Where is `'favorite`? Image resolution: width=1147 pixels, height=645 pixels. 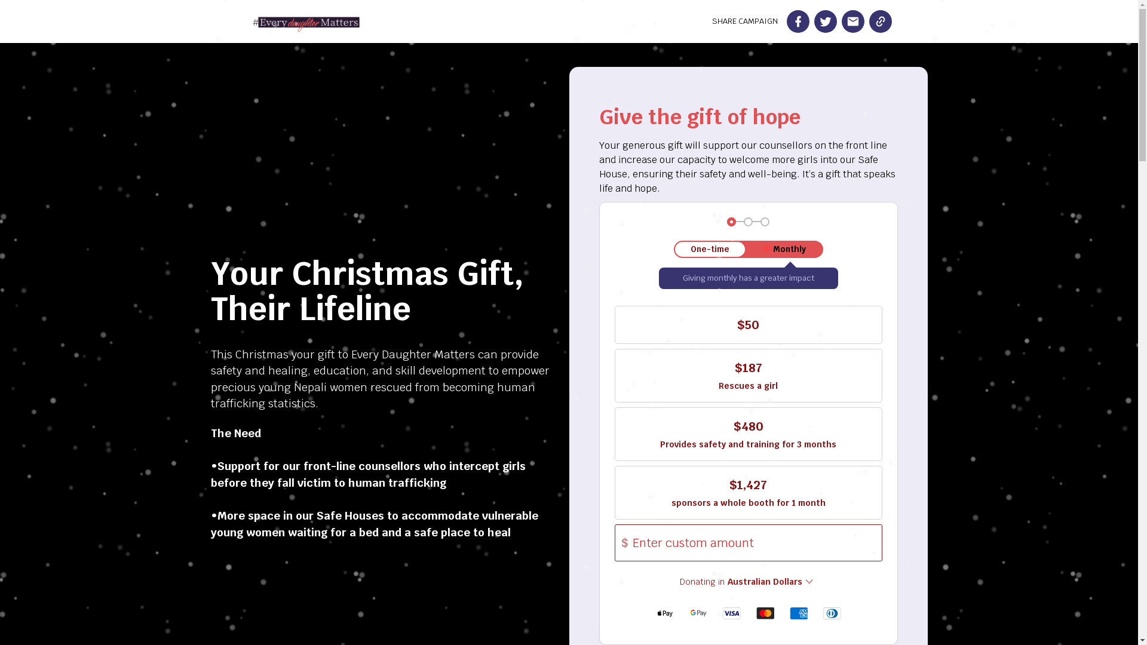
'favorite is located at coordinates (784, 248).